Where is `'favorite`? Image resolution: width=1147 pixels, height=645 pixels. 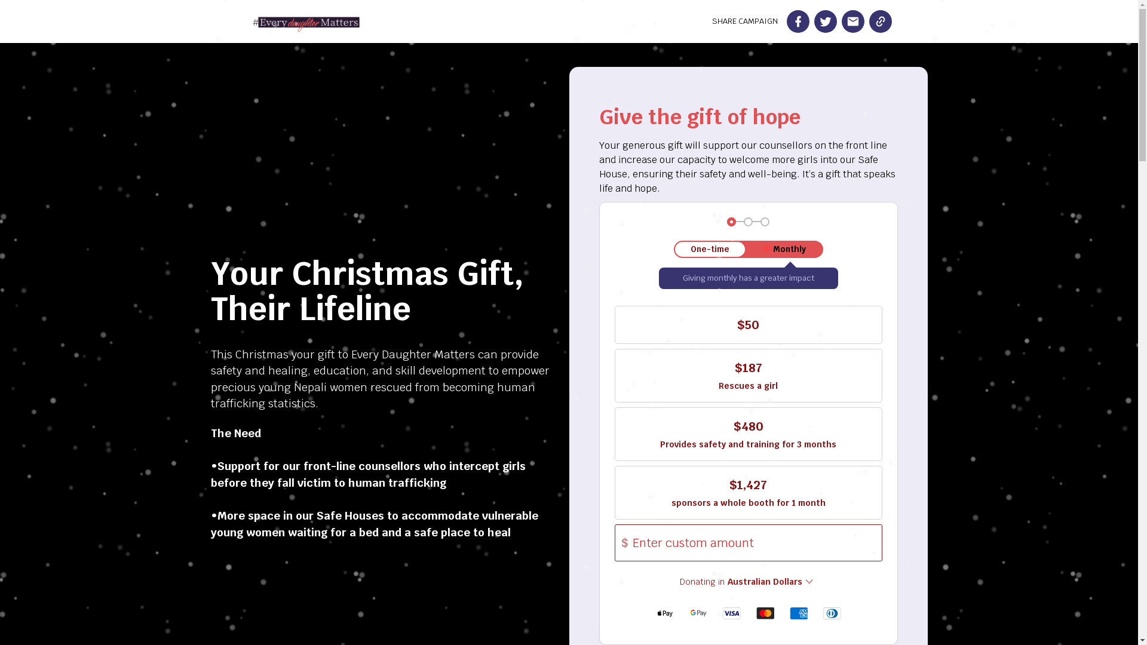
'favorite is located at coordinates (784, 248).